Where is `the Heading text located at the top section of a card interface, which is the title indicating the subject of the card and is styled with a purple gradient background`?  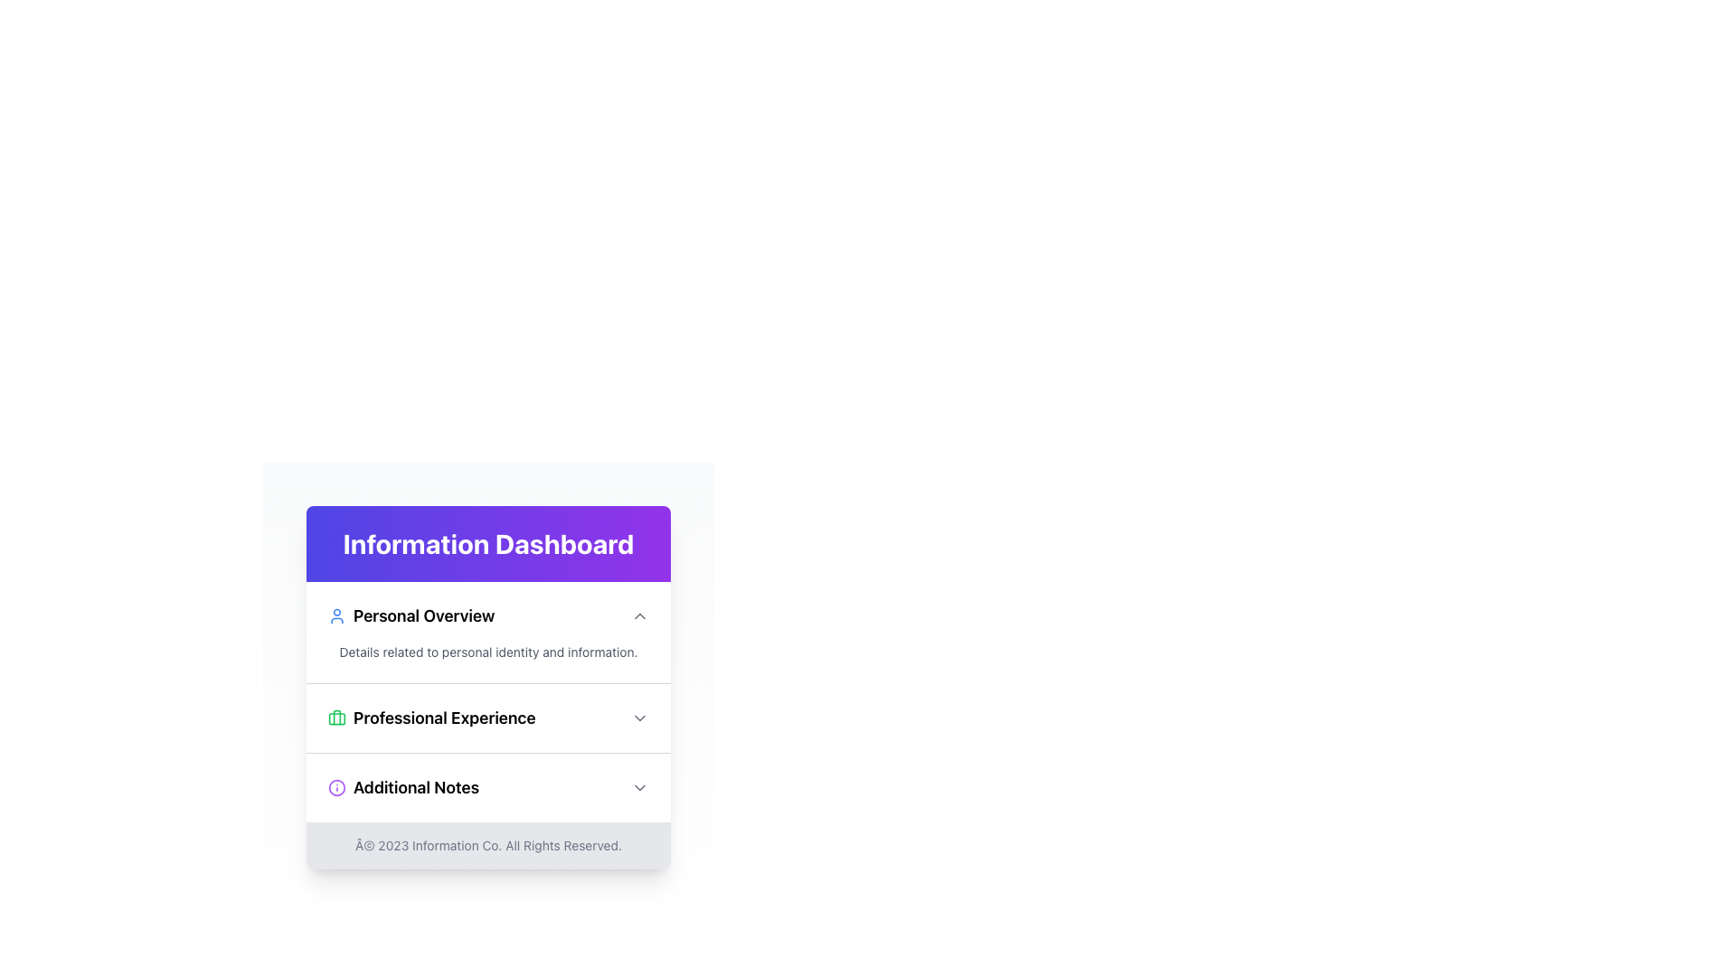
the Heading text located at the top section of a card interface, which is the title indicating the subject of the card and is styled with a purple gradient background is located at coordinates (488, 542).